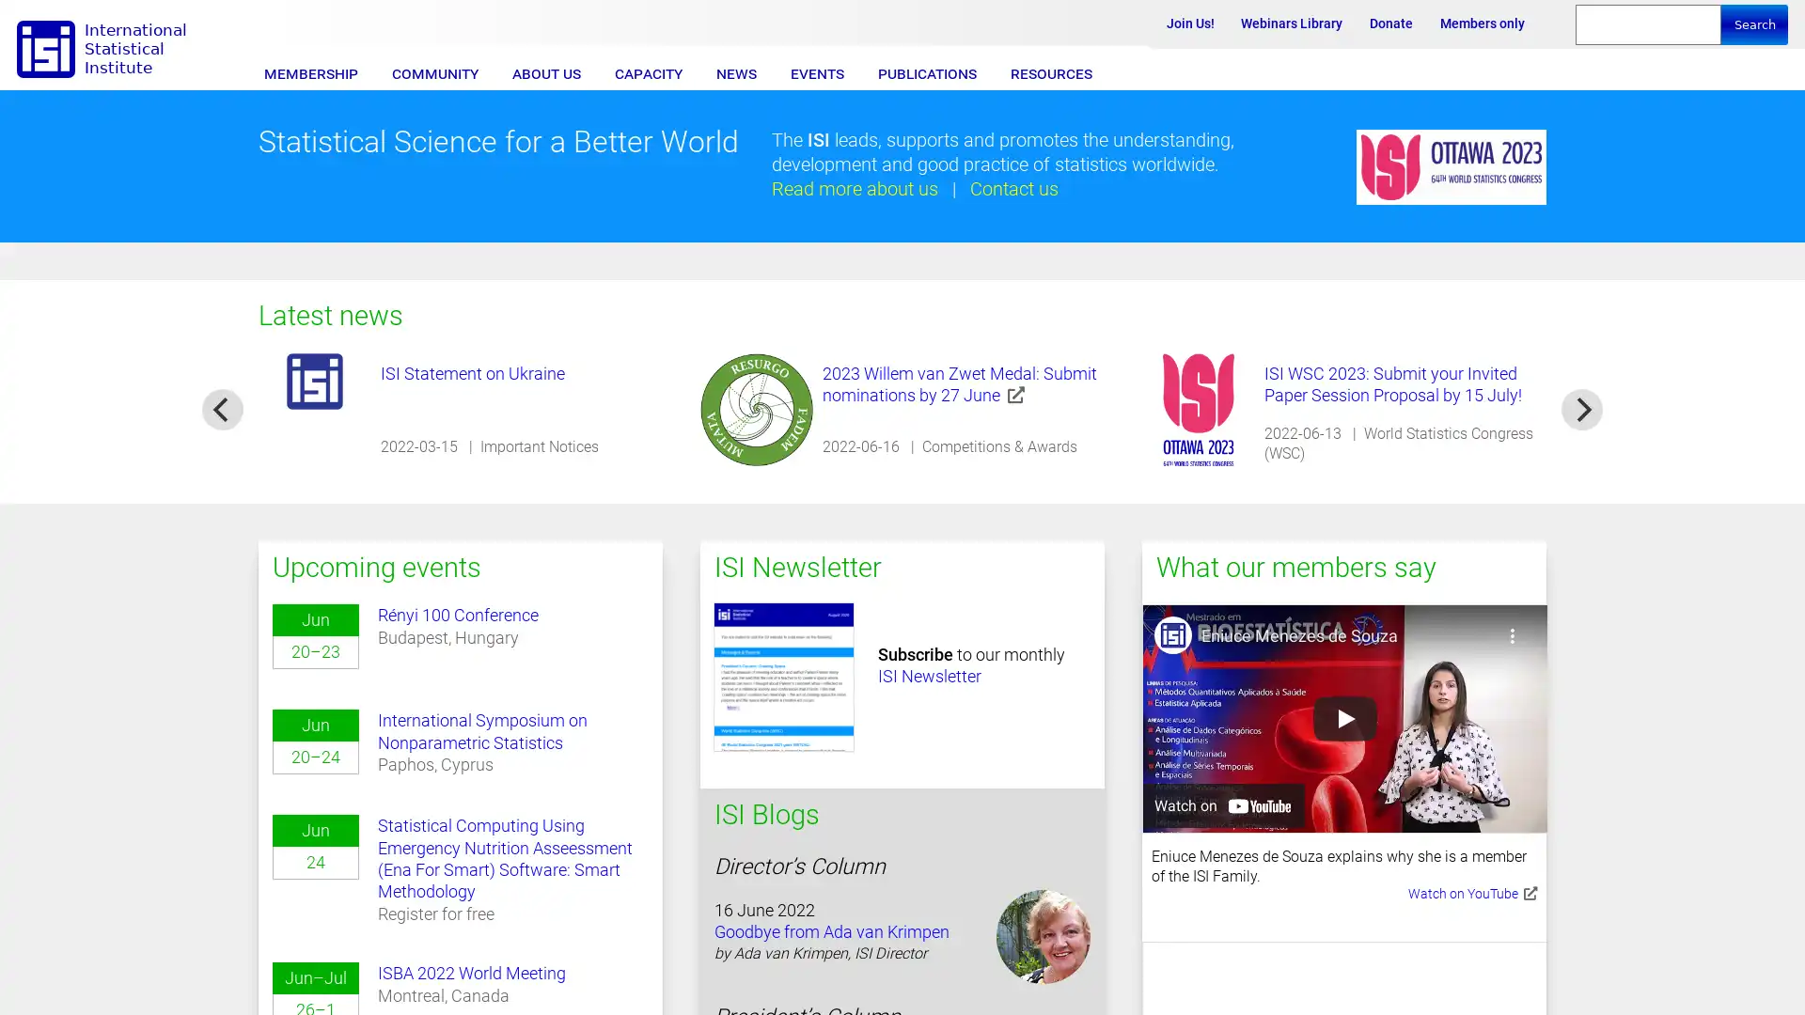 This screenshot has width=1805, height=1015. Describe the element at coordinates (1753, 24) in the screenshot. I see `Search` at that location.